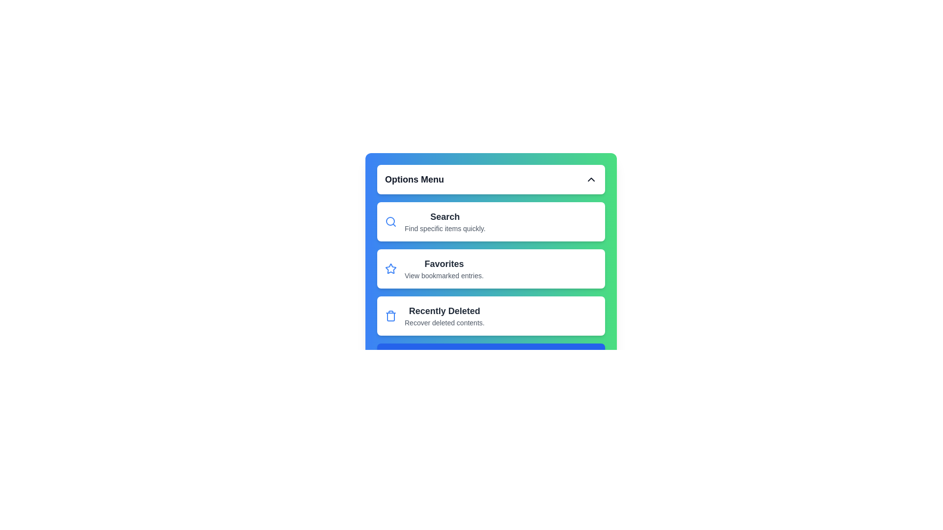 This screenshot has width=943, height=530. What do you see at coordinates (444, 276) in the screenshot?
I see `the text label displaying 'View bookmarked entries.'` at bounding box center [444, 276].